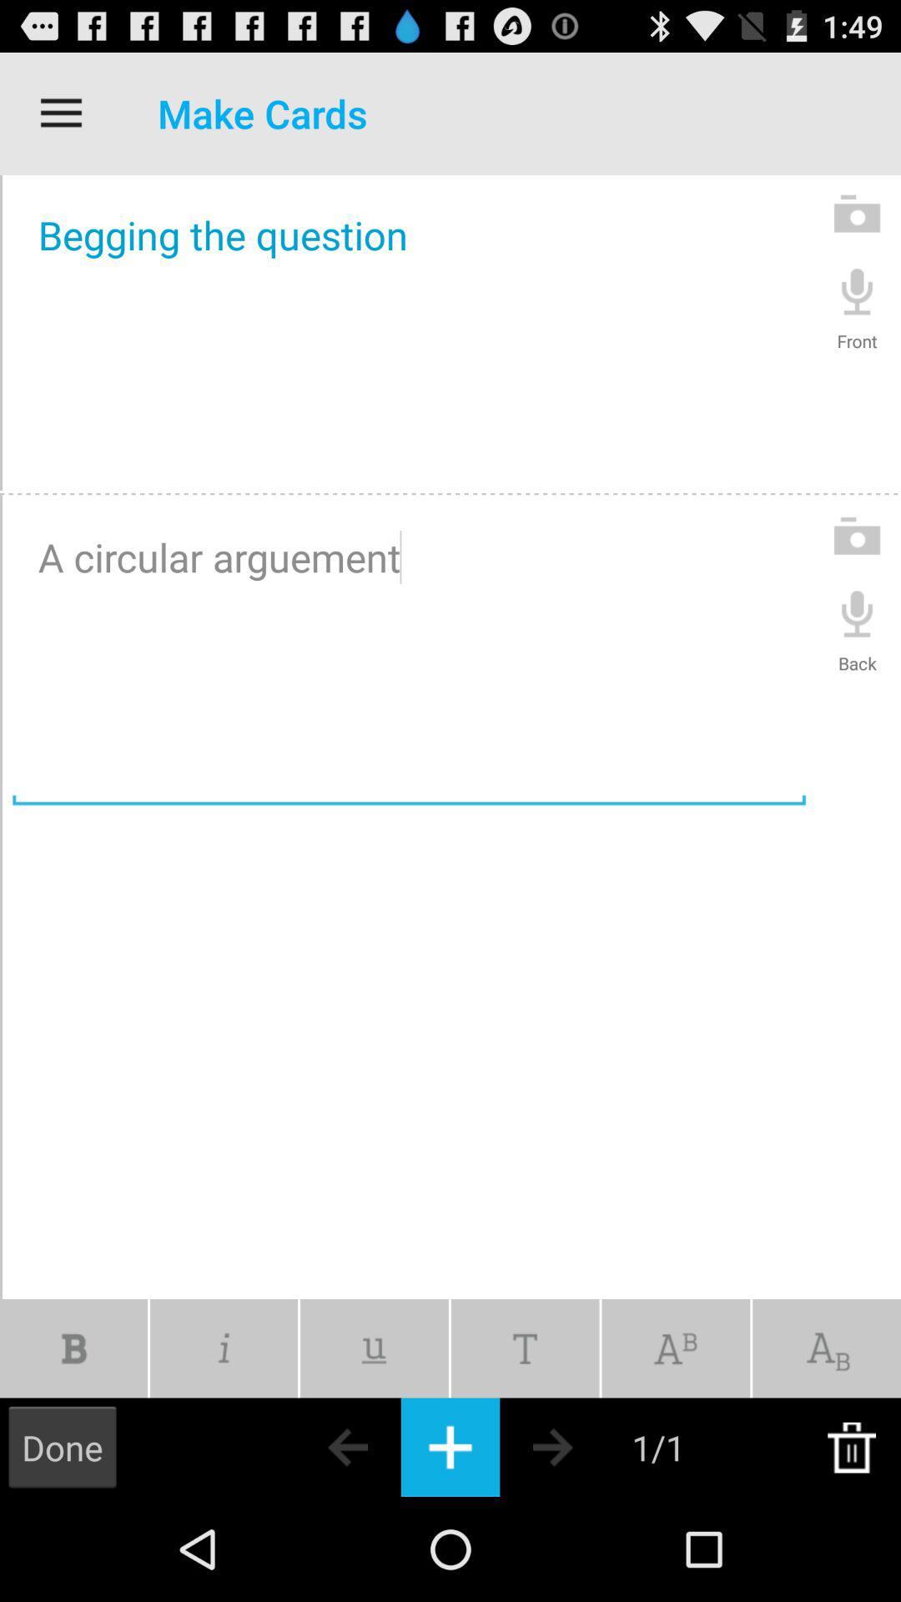  Describe the element at coordinates (827, 1348) in the screenshot. I see `change text to subscript` at that location.